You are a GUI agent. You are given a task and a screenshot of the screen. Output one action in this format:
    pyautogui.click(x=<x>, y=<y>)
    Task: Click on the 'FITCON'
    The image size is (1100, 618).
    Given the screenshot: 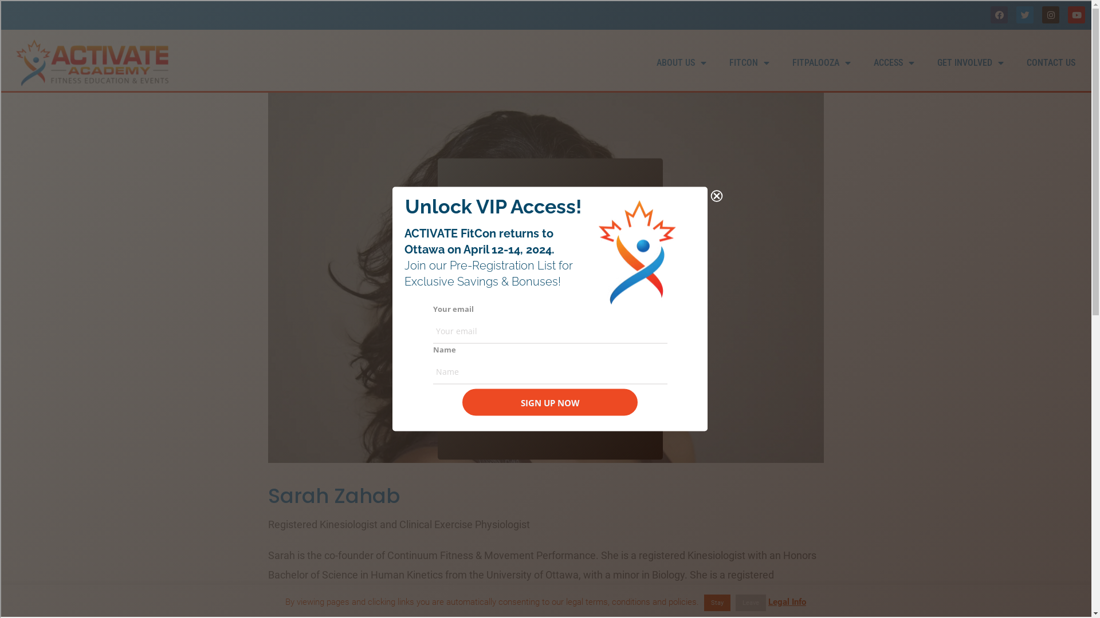 What is the action you would take?
    pyautogui.click(x=749, y=63)
    